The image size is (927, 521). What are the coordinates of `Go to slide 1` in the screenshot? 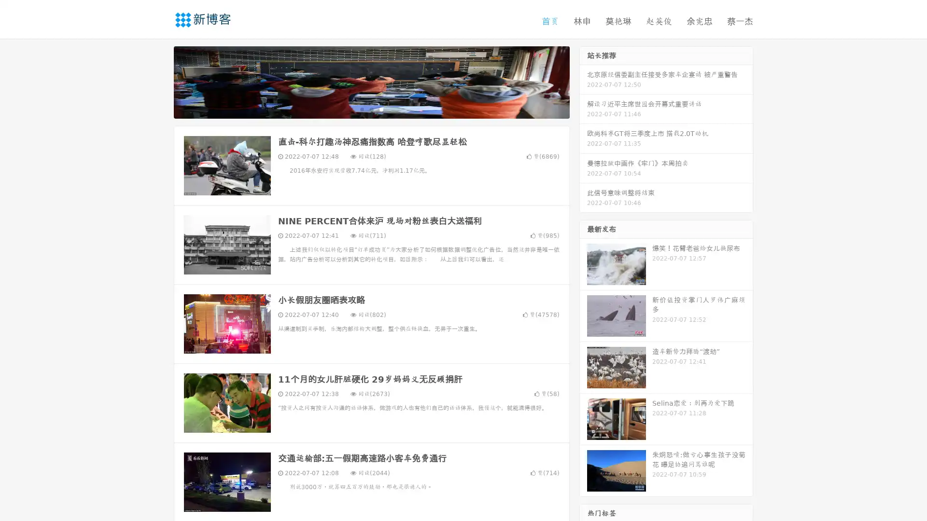 It's located at (361, 109).